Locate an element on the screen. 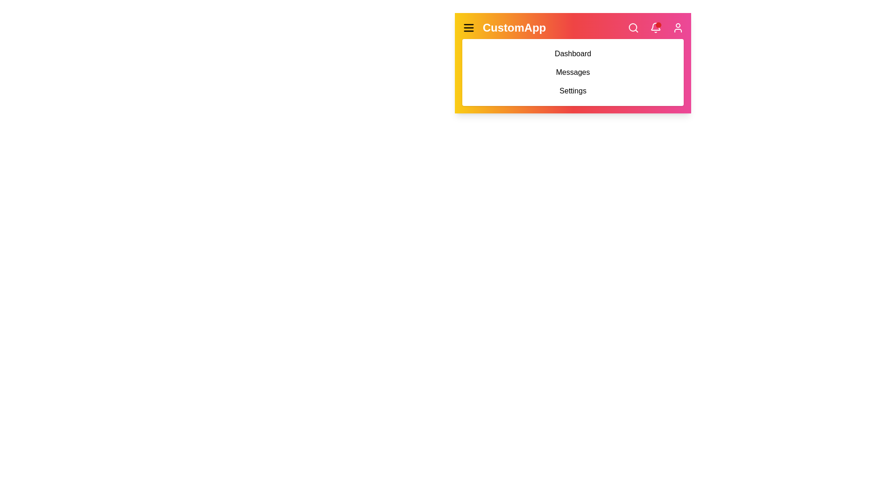 The height and width of the screenshot is (502, 893). the menu item Settings from the options 'Dashboard', 'Messages', and 'Settings' is located at coordinates (573, 91).